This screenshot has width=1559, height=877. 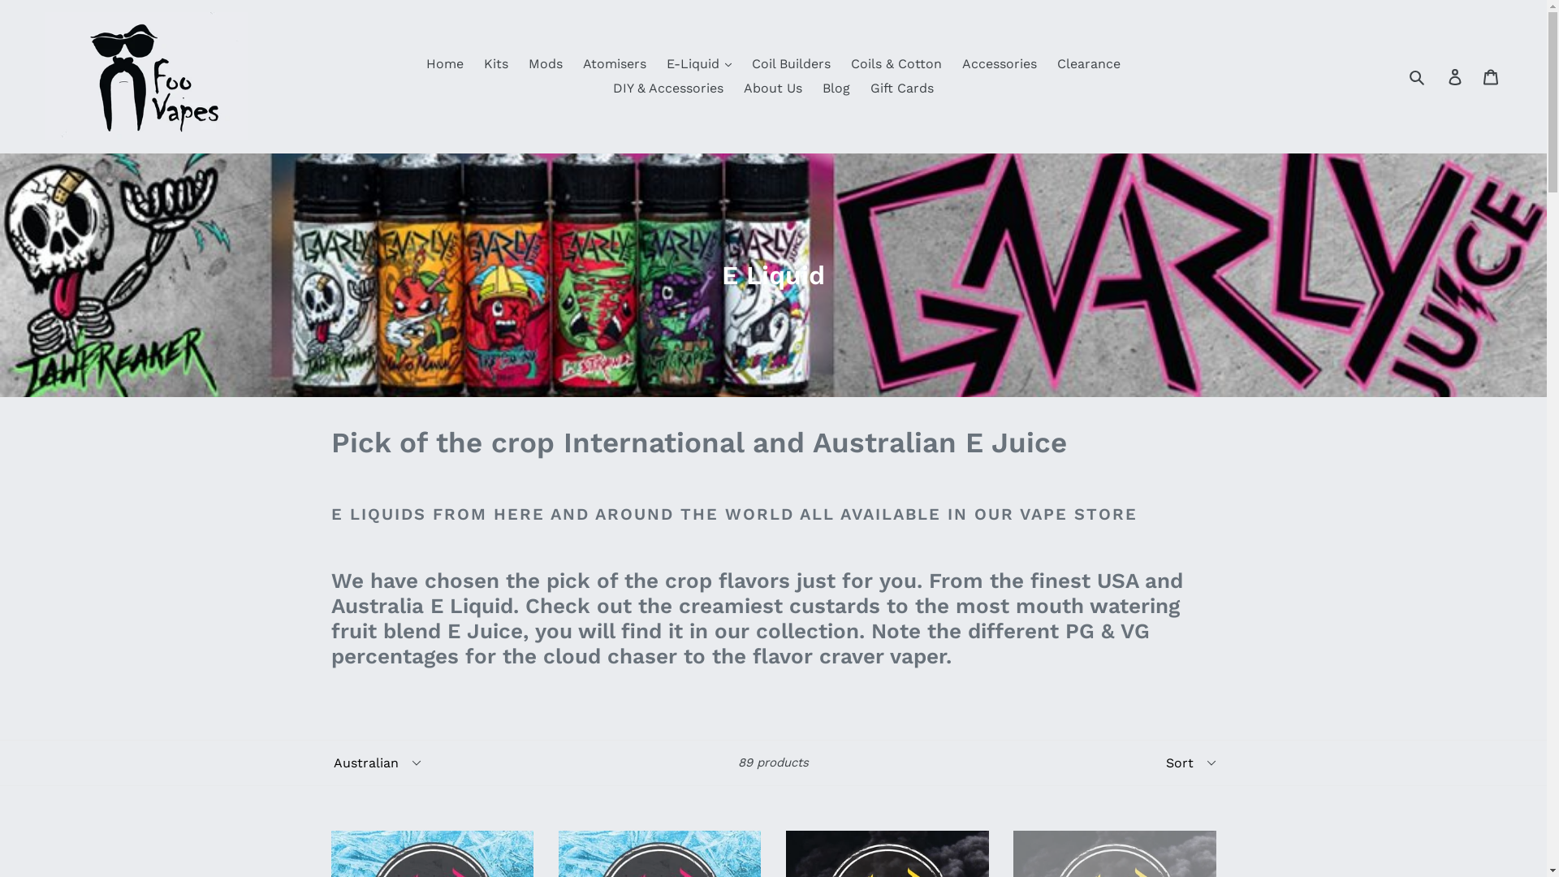 I want to click on 'Accessories', so click(x=998, y=63).